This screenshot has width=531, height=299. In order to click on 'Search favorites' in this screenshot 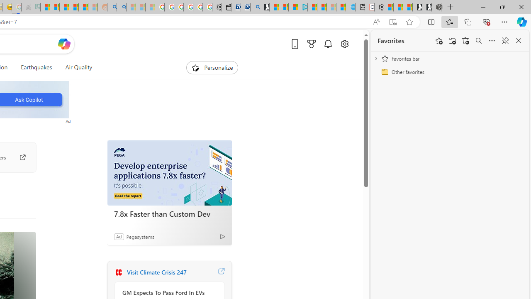, I will do `click(478, 41)`.